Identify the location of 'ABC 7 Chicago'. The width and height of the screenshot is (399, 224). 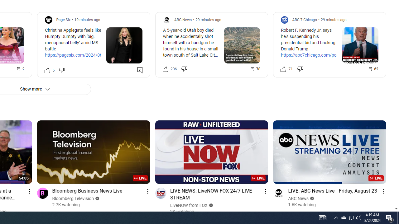
(305, 19).